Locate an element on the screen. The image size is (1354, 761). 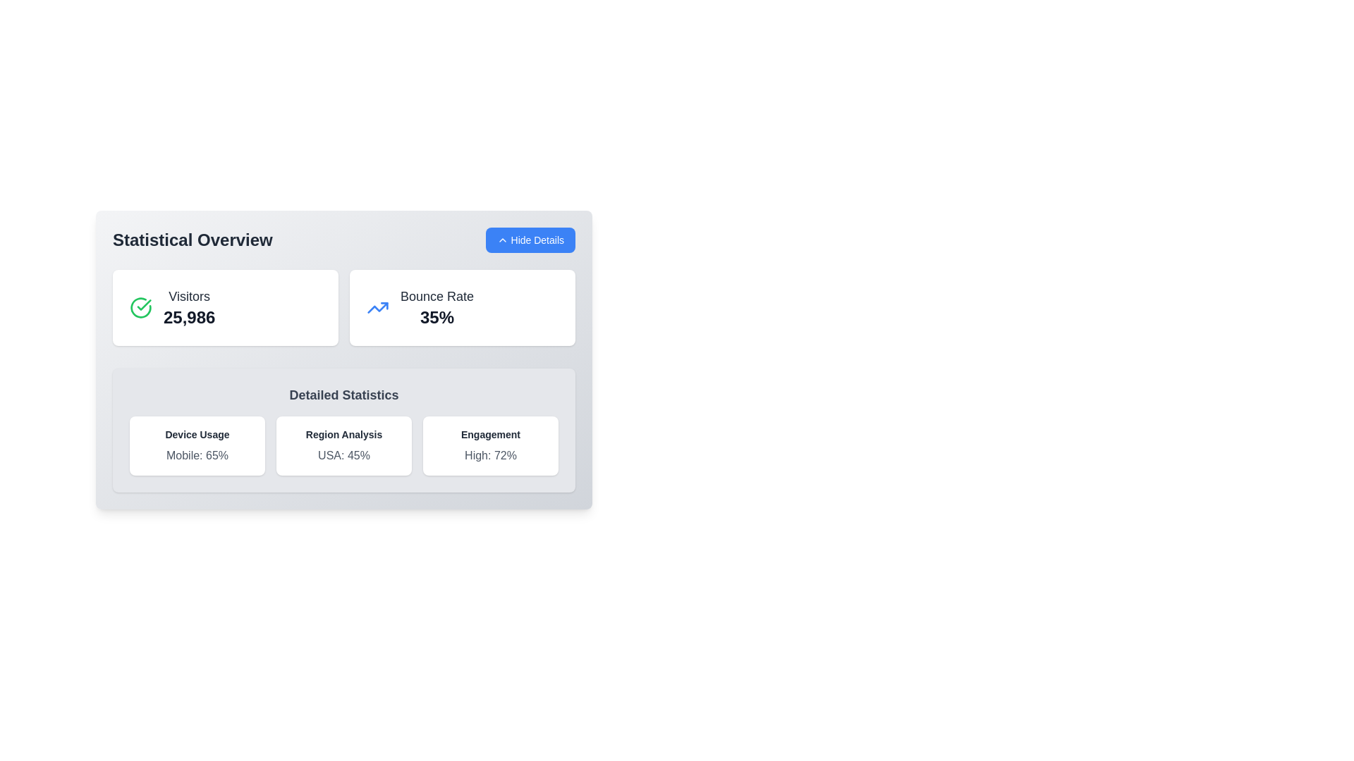
the static text label within the blue button, which indicates that clicking the button will collapse or hide additional information below is located at coordinates (537, 239).